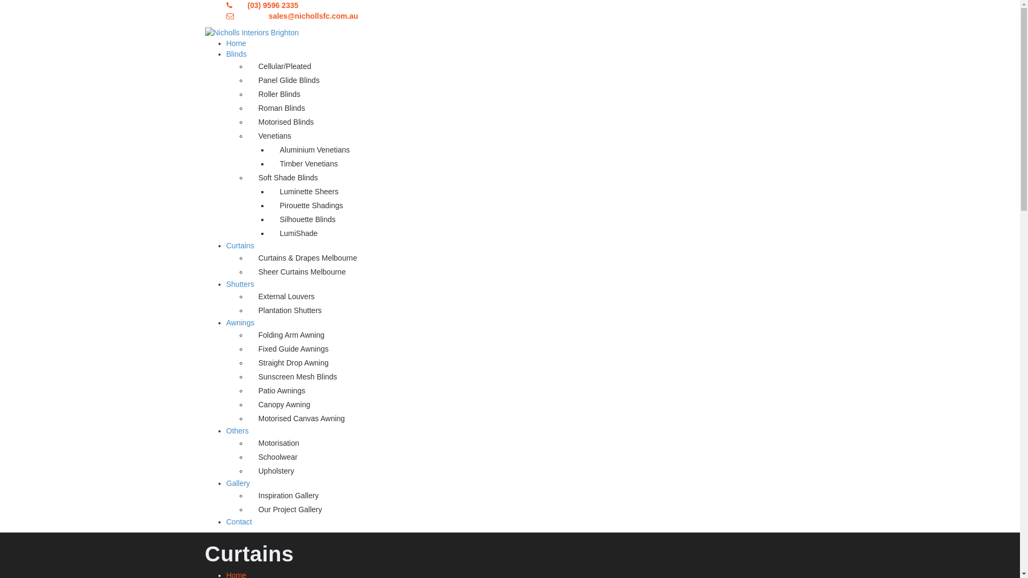 The image size is (1028, 578). What do you see at coordinates (235, 43) in the screenshot?
I see `'Home'` at bounding box center [235, 43].